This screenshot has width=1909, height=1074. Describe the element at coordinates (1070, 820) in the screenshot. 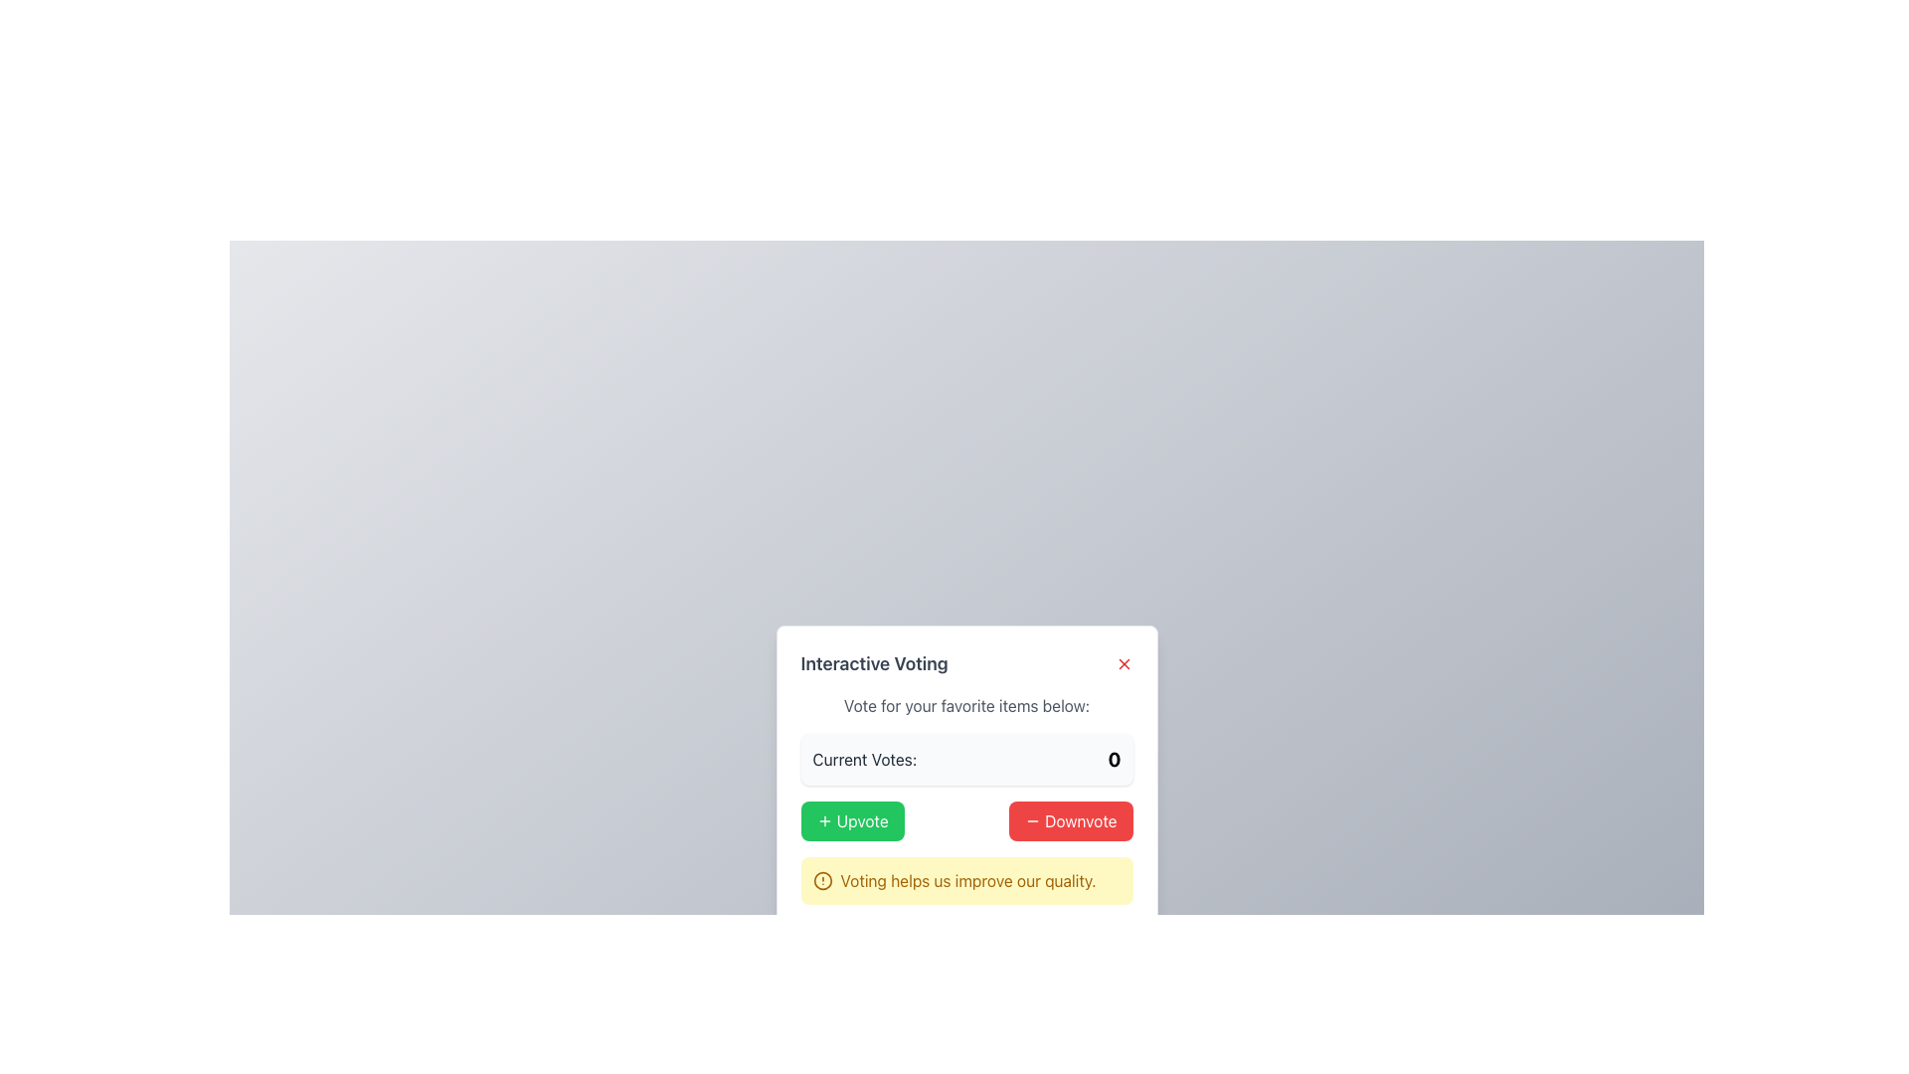

I see `the downvote button located to the right of the 'Upvote' button in the voting panel to change its background color` at that location.